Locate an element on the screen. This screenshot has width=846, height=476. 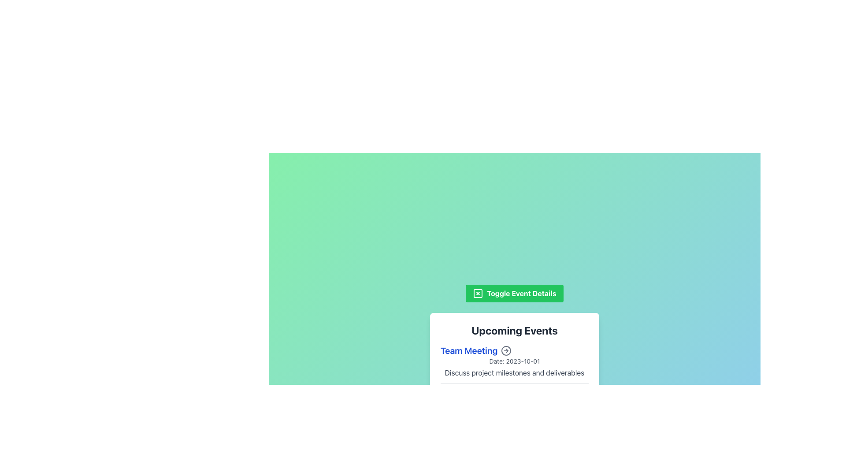
the small rounded rectangle inside the 'Toggle Event Details' button, which serves as a decorative SVG shape is located at coordinates (478, 293).